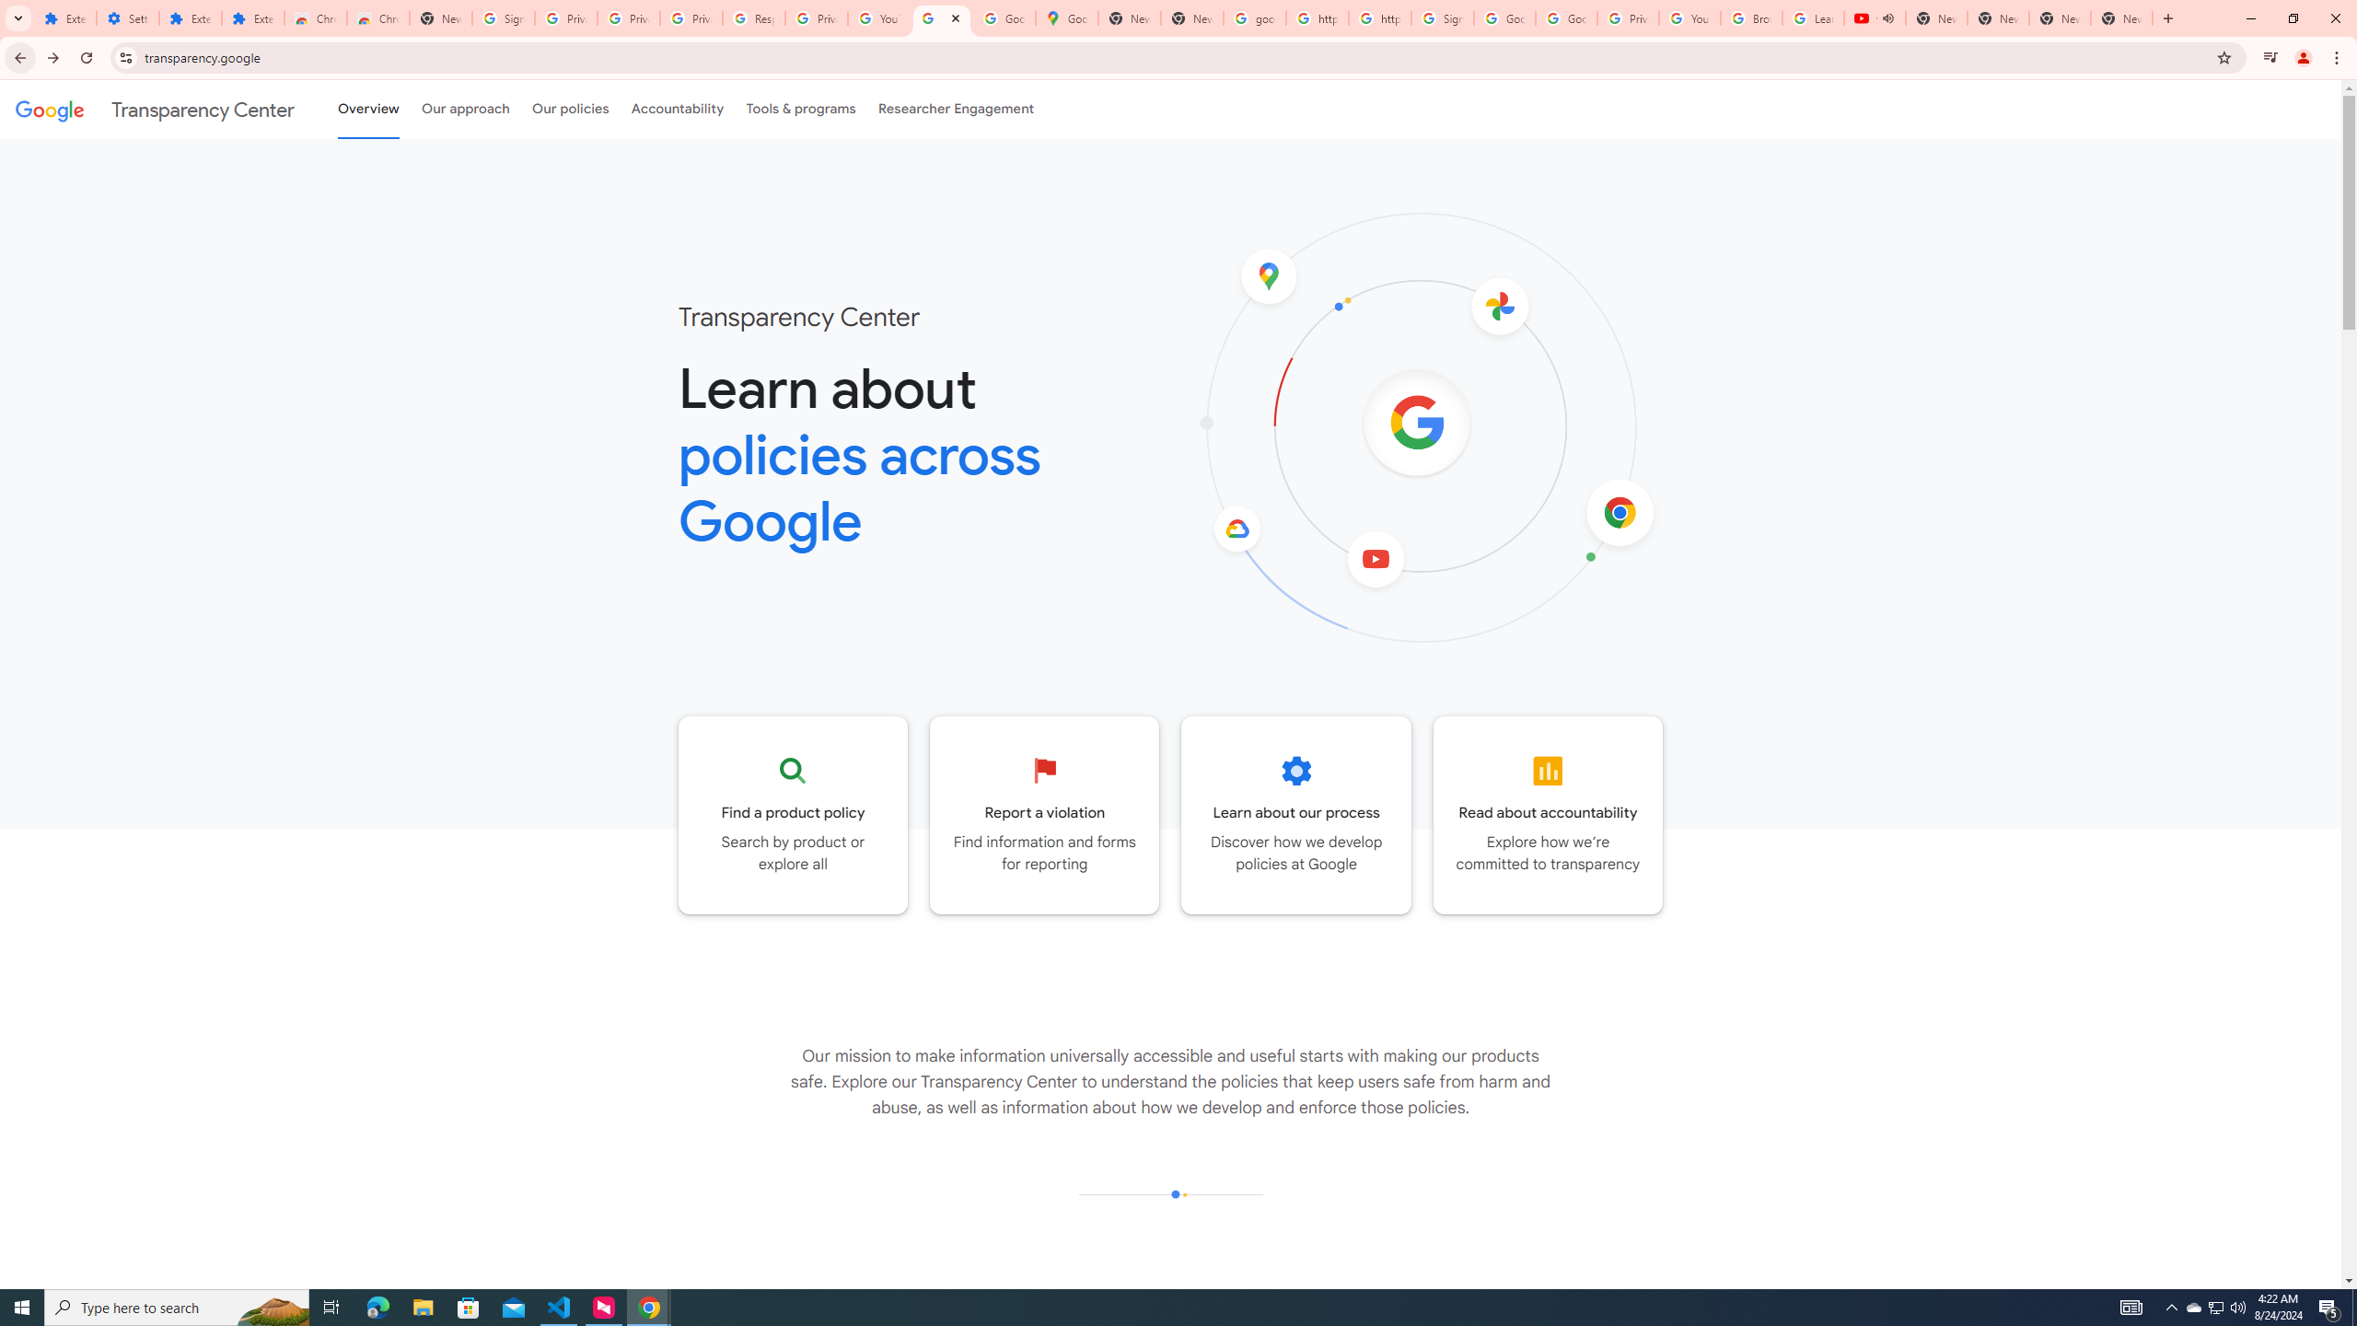 This screenshot has width=2357, height=1326. What do you see at coordinates (793, 814) in the screenshot?
I see `'Go to the Product policy page'` at bounding box center [793, 814].